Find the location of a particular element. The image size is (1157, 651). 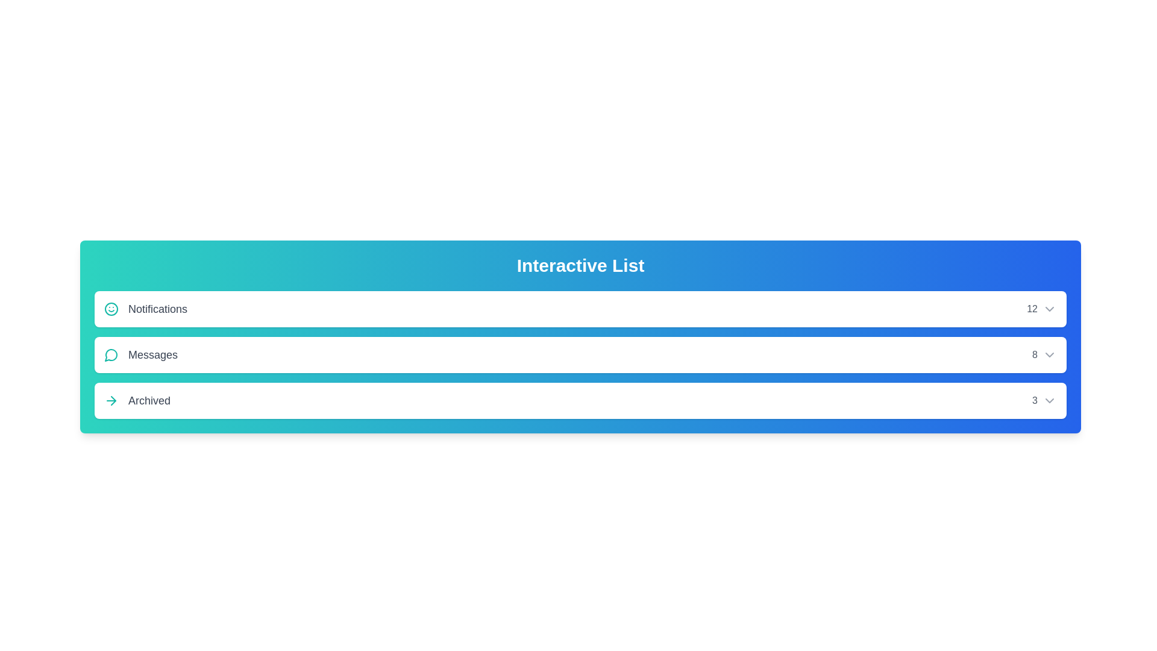

the text of the item Messages in the list is located at coordinates (141, 354).